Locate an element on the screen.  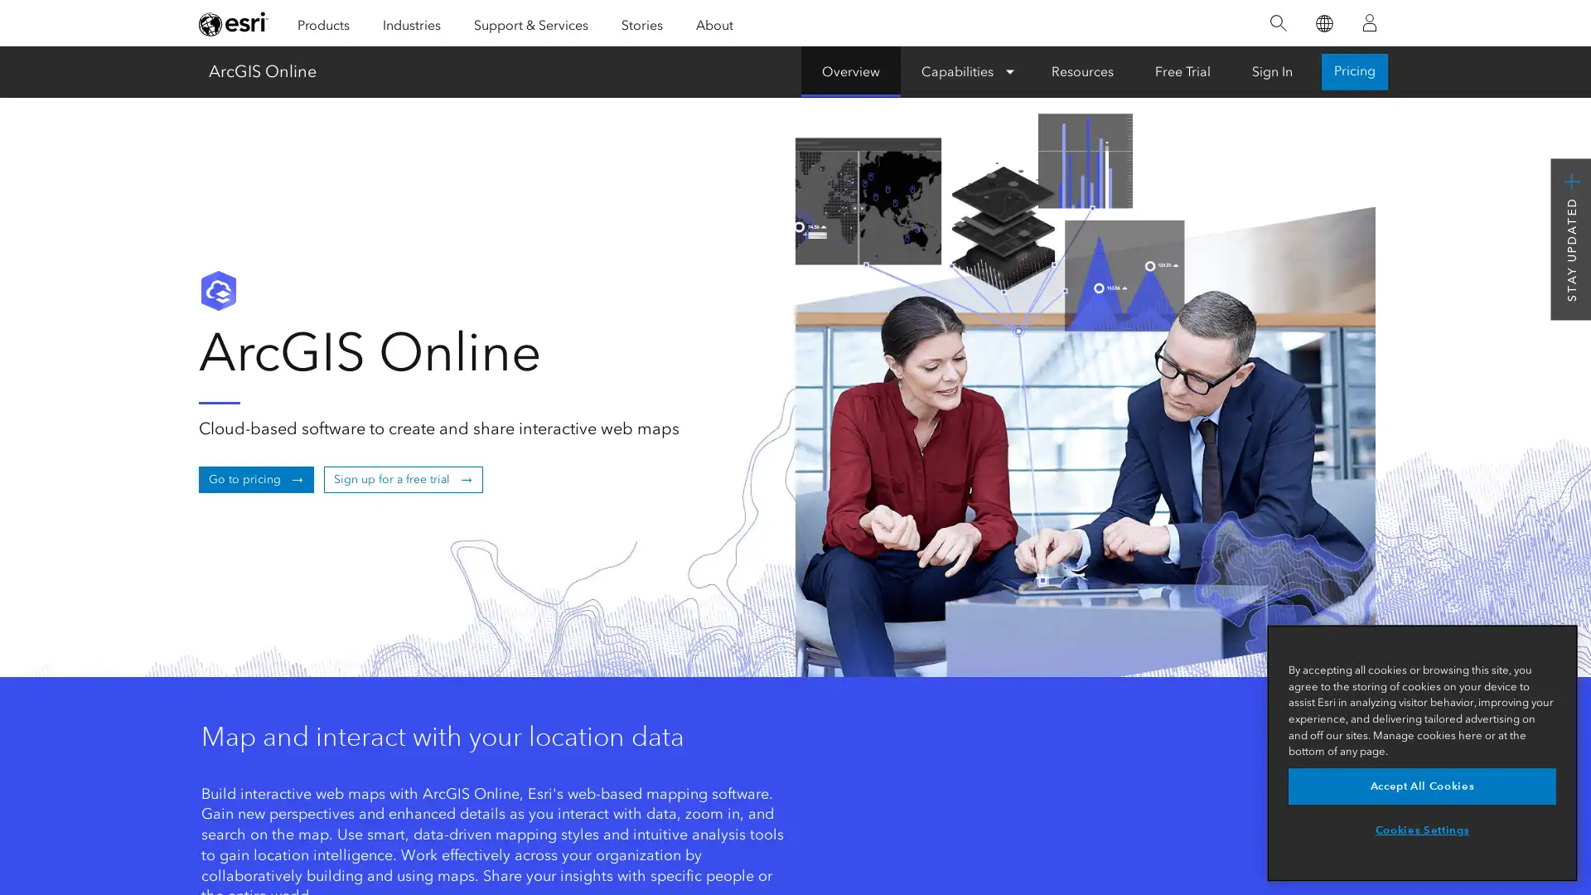
About is located at coordinates (714, 22).